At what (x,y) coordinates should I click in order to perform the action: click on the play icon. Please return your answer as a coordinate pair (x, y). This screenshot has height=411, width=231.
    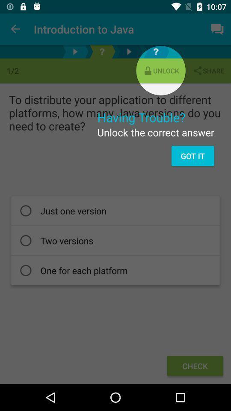
    Looking at the image, I should click on (75, 51).